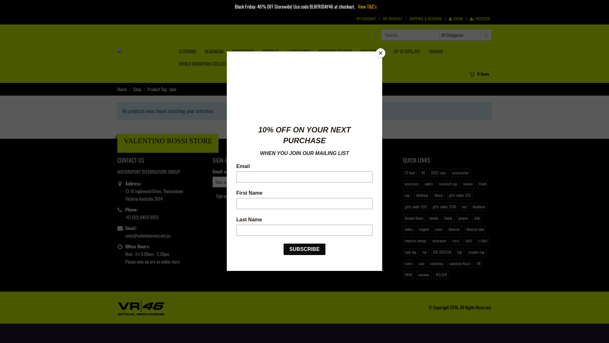  I want to click on 'Monster dual', so click(475, 229).